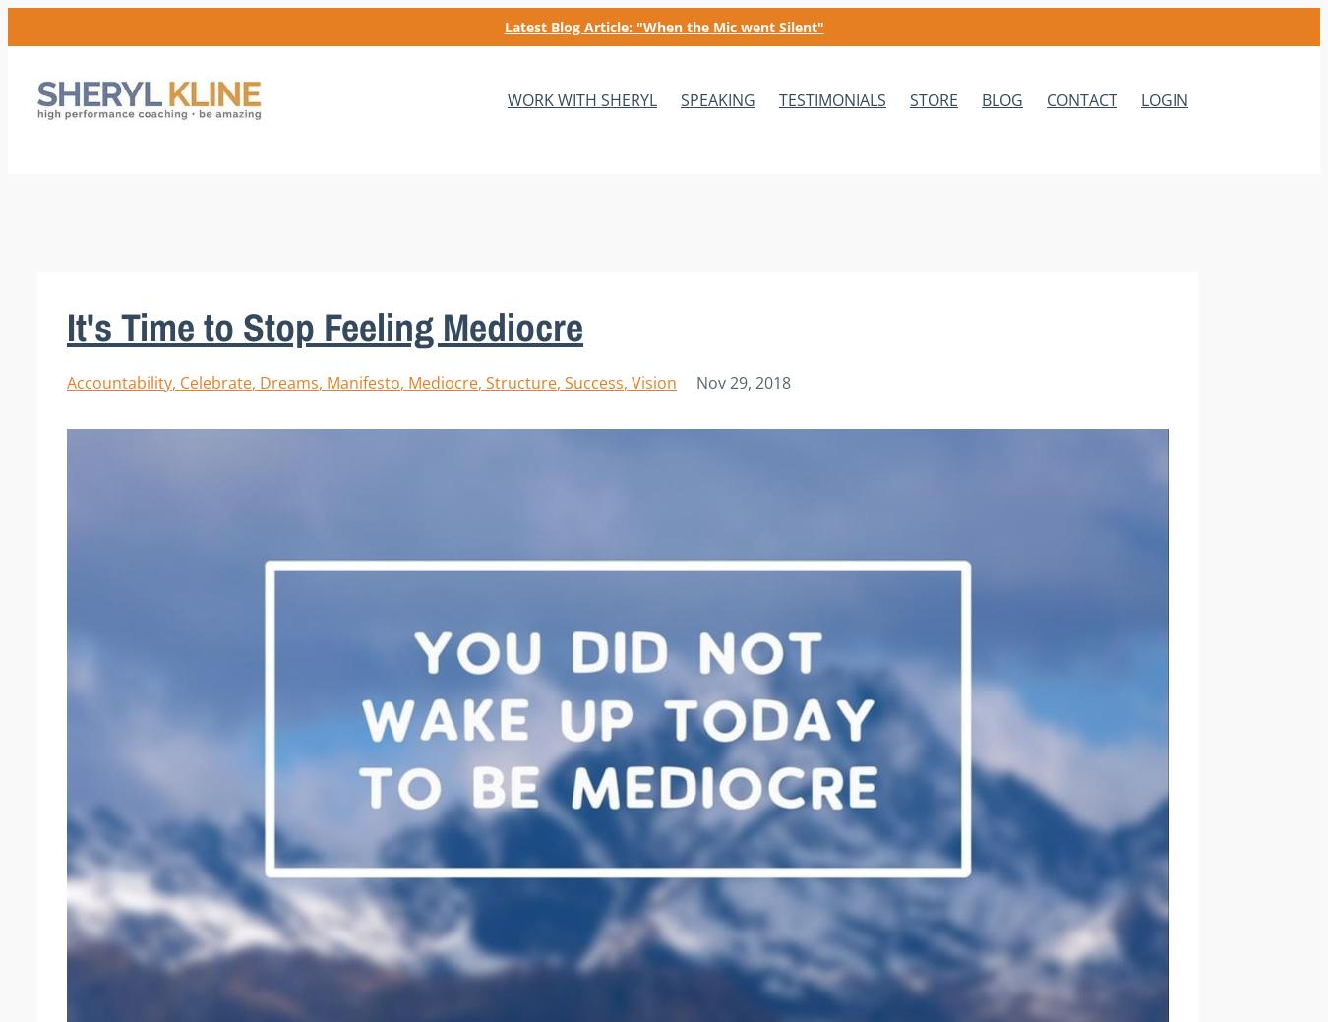 Image resolution: width=1328 pixels, height=1022 pixels. I want to click on 'mediocre', so click(407, 382).